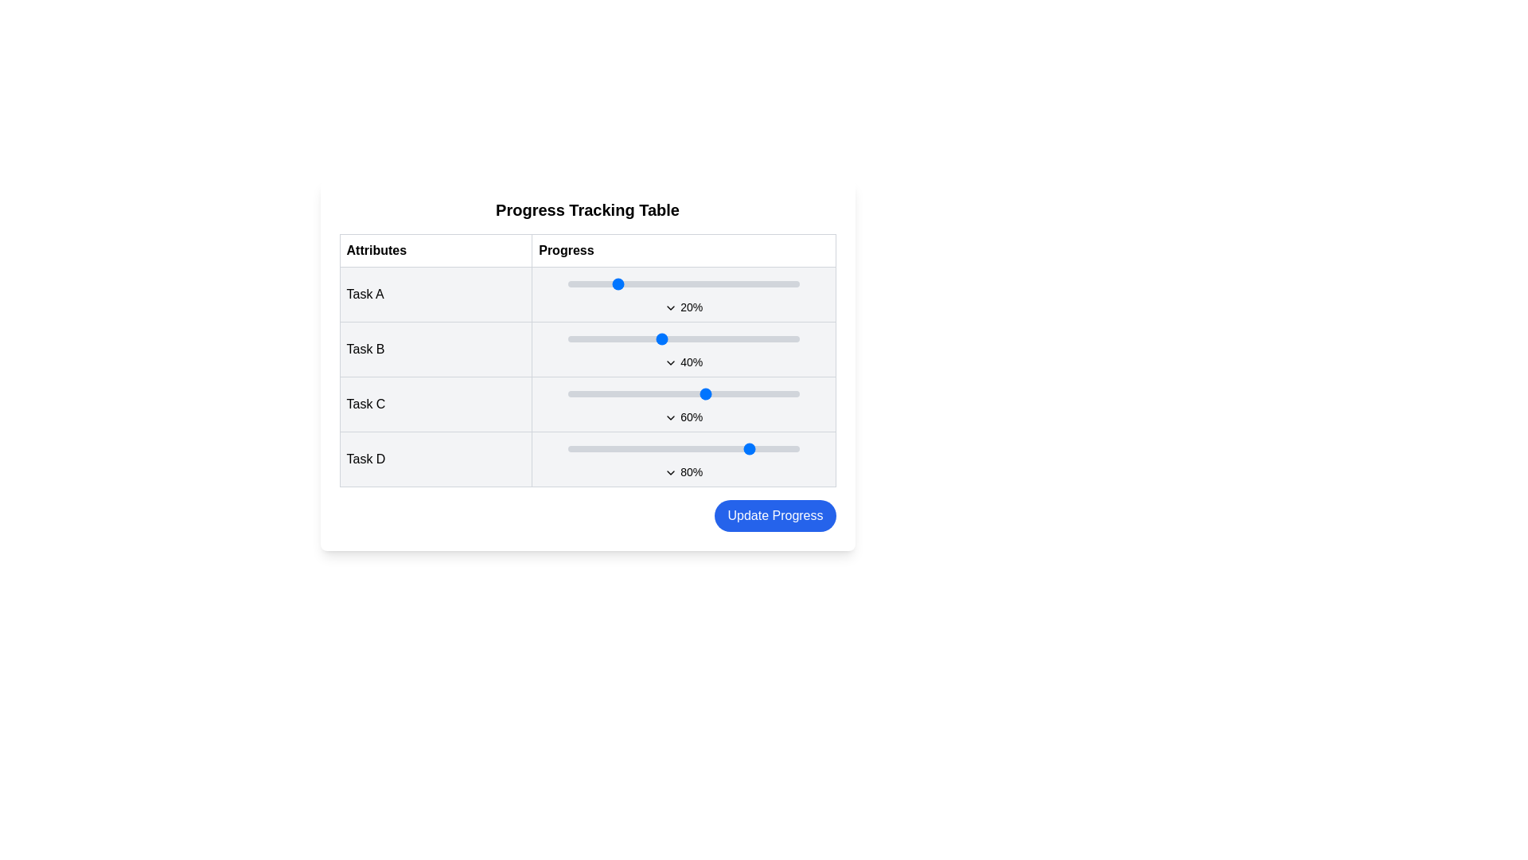 The image size is (1528, 860). Describe the element at coordinates (684, 393) in the screenshot. I see `the progress of Task C` at that location.